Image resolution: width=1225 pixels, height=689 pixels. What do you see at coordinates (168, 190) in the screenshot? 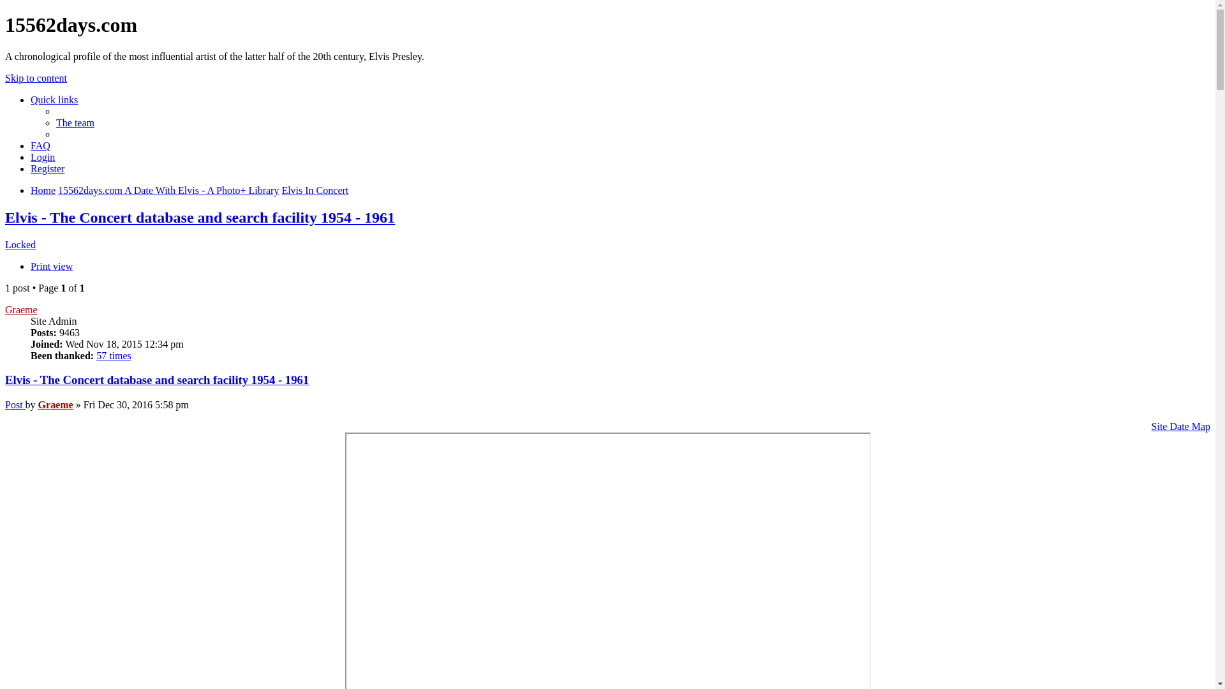
I see `'15562days.com A Date With Elvis - A Photo+ Library'` at bounding box center [168, 190].